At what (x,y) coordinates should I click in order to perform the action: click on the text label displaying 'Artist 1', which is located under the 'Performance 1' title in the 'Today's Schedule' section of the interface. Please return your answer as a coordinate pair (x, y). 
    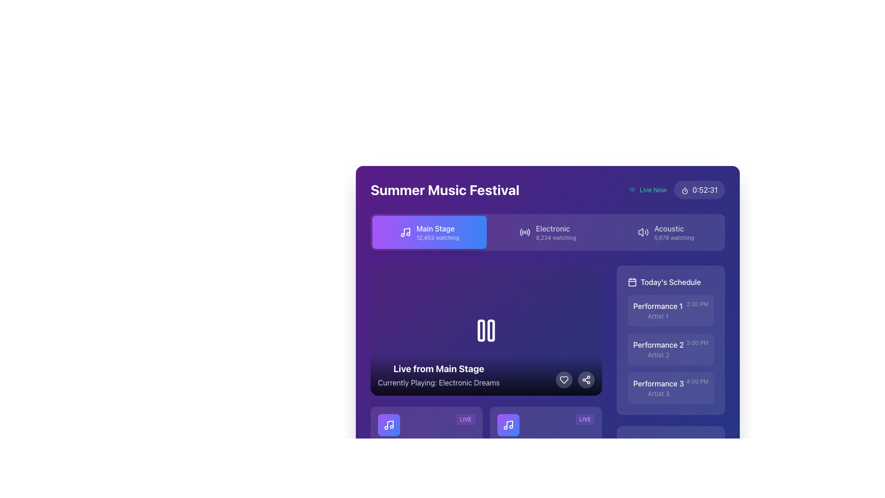
    Looking at the image, I should click on (657, 316).